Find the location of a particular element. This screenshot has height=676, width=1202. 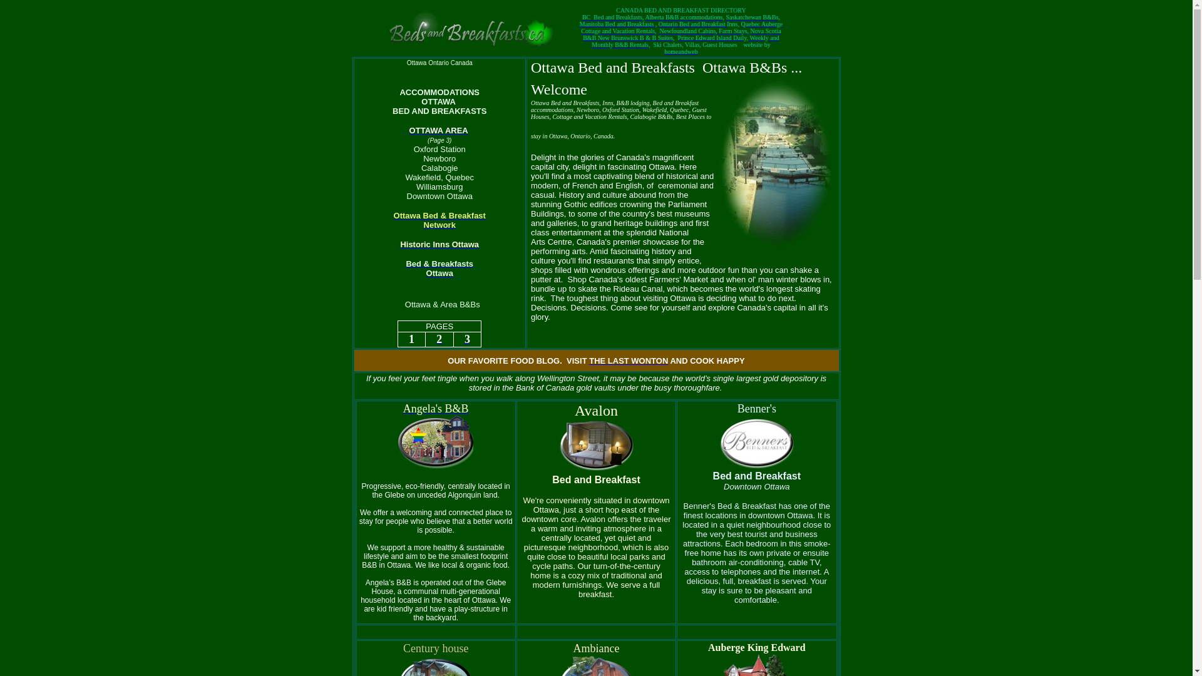

'istoric Inns Ottawa' is located at coordinates (406, 244).